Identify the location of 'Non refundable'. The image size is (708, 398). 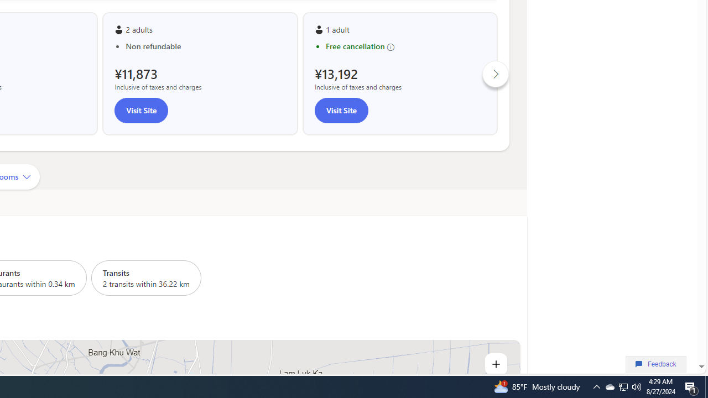
(205, 45).